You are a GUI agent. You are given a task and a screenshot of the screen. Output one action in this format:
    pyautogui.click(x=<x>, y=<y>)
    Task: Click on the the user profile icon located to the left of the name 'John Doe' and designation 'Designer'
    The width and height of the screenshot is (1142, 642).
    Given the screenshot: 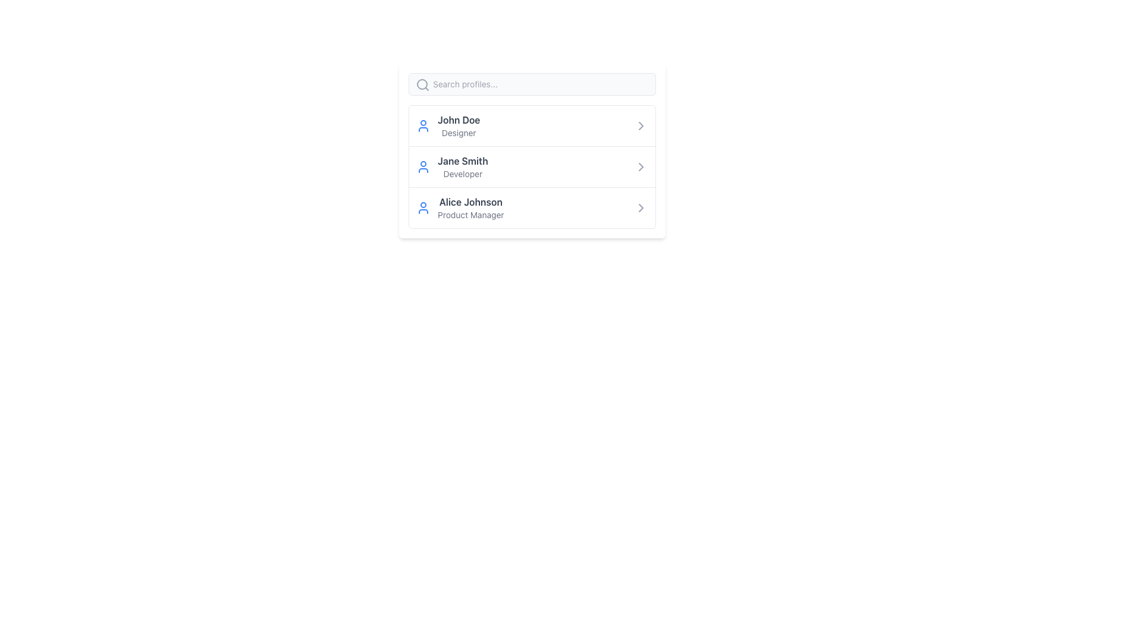 What is the action you would take?
    pyautogui.click(x=423, y=126)
    